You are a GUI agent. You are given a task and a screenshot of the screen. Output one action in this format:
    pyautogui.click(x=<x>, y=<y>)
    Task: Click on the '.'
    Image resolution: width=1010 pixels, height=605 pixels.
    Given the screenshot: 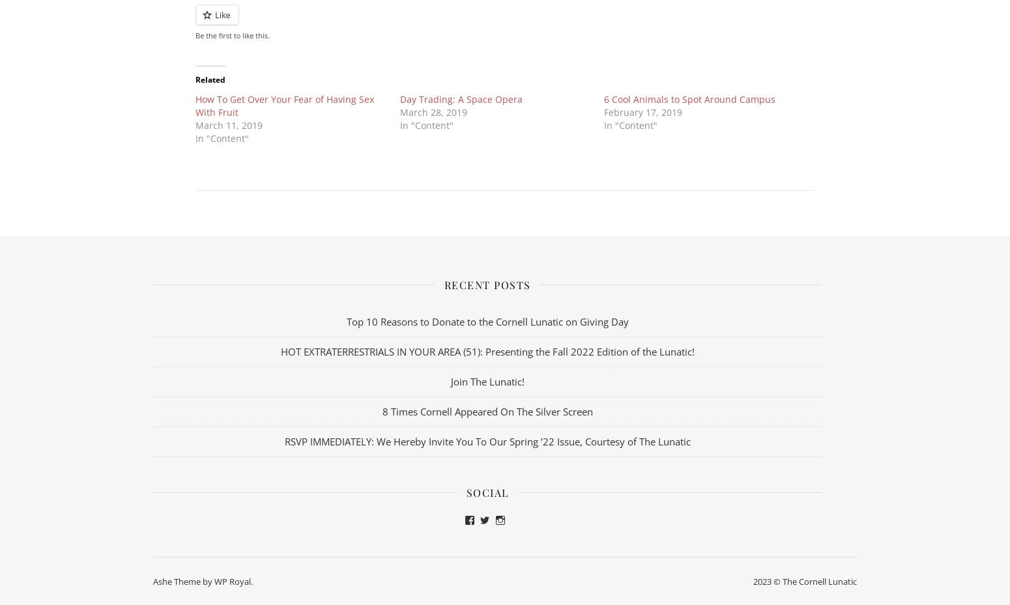 What is the action you would take?
    pyautogui.click(x=251, y=581)
    